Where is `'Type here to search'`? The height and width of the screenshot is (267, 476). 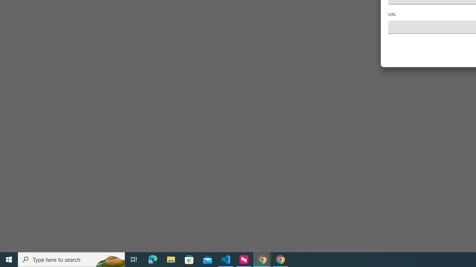
'Type here to search' is located at coordinates (71, 259).